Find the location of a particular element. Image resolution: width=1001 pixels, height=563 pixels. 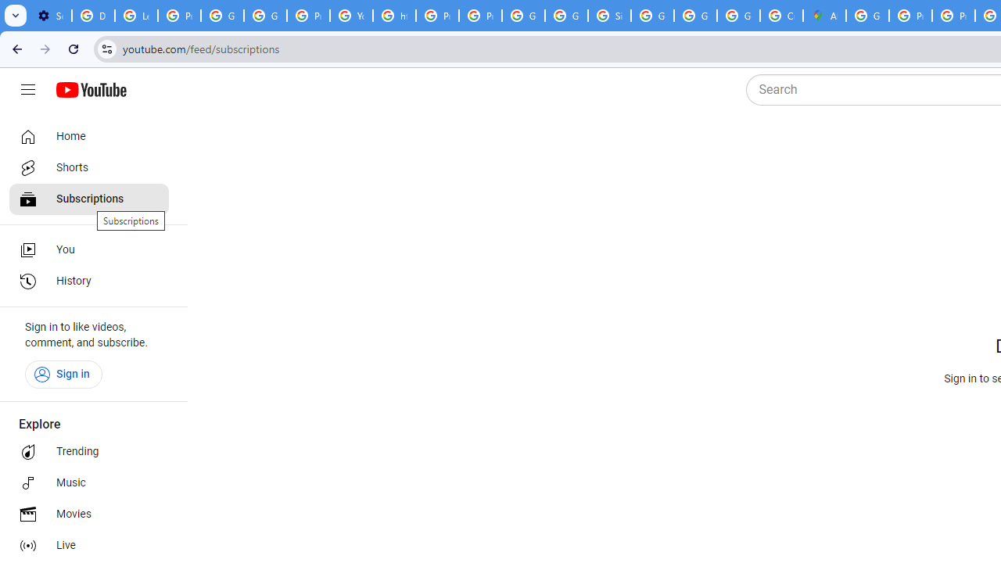

'Subscriptions' is located at coordinates (88, 198).